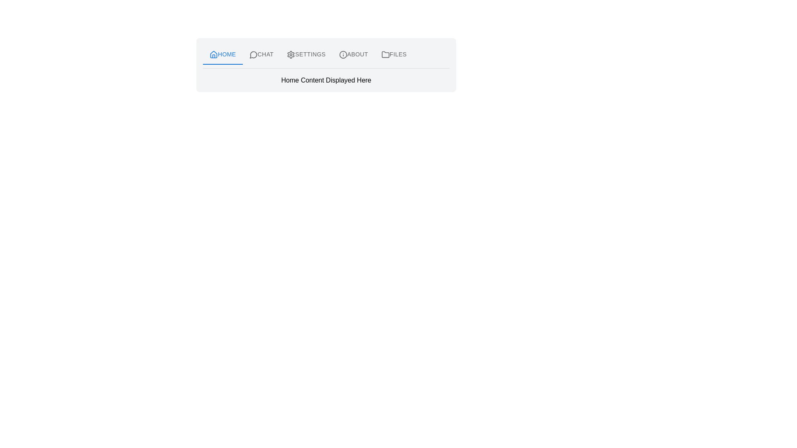  Describe the element at coordinates (261, 54) in the screenshot. I see `the 'Chat' tab button, which is the second tab in the navigation bar` at that location.